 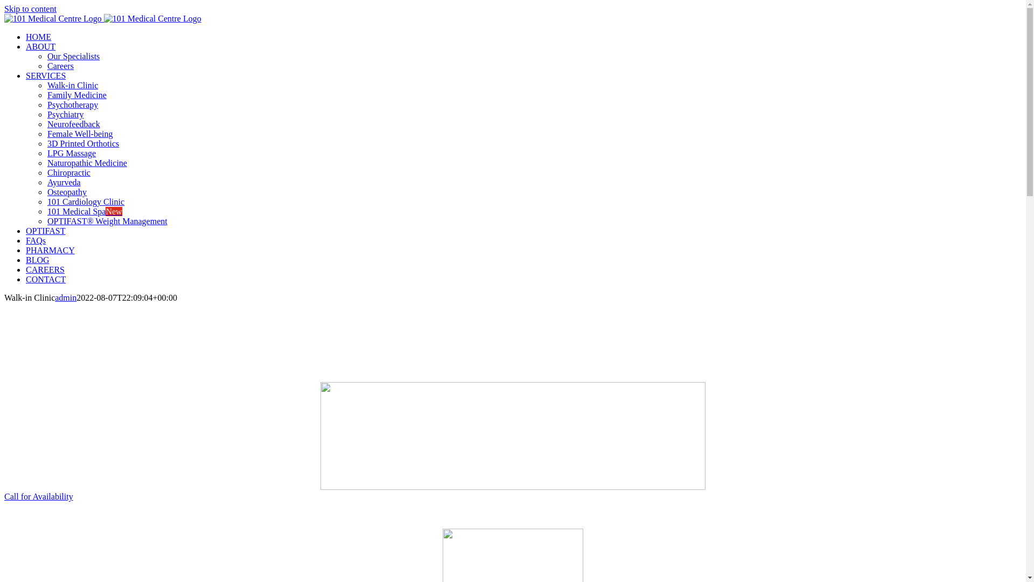 What do you see at coordinates (46, 211) in the screenshot?
I see `'101 Medical SpaNew'` at bounding box center [46, 211].